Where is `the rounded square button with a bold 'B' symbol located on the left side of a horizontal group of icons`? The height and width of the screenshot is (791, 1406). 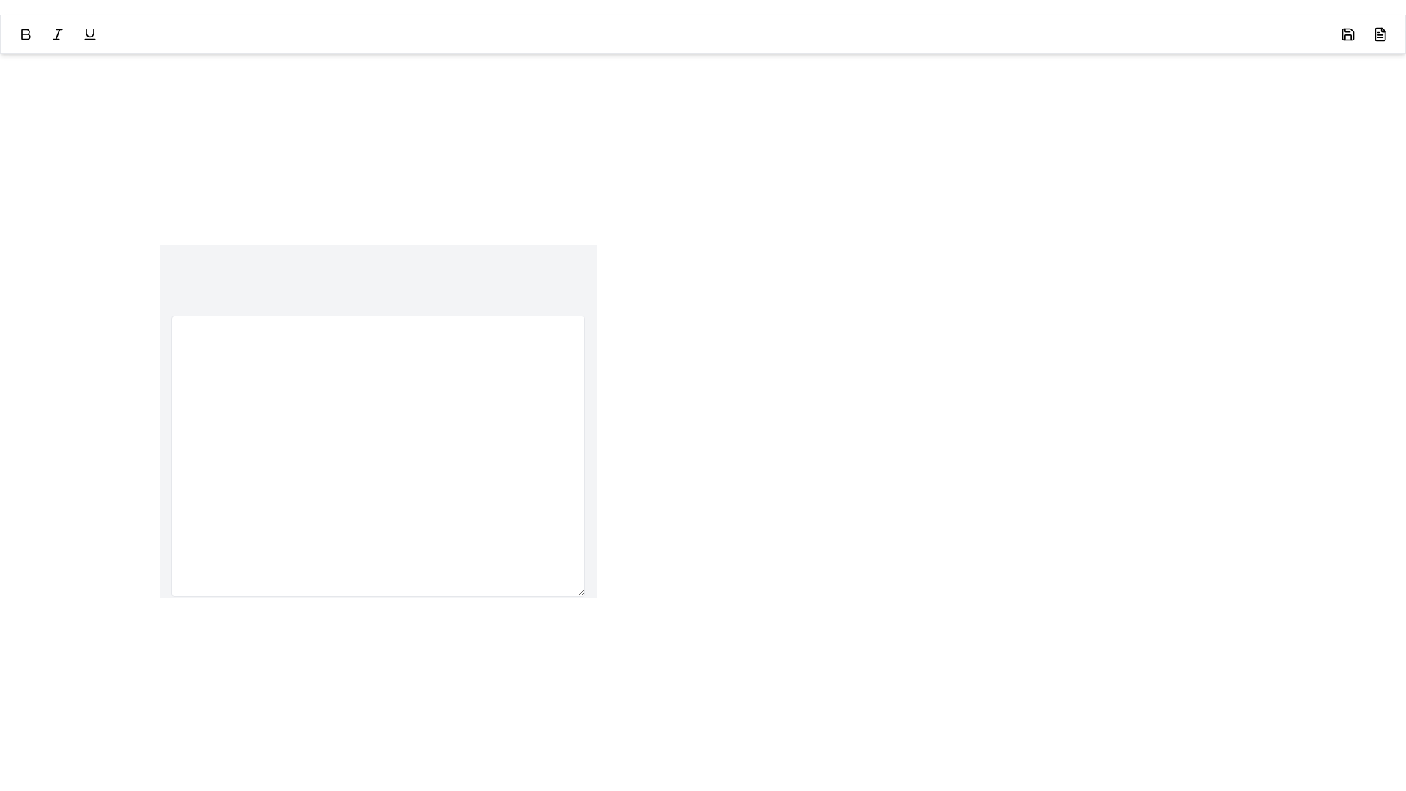 the rounded square button with a bold 'B' symbol located on the left side of a horizontal group of icons is located at coordinates (25, 33).